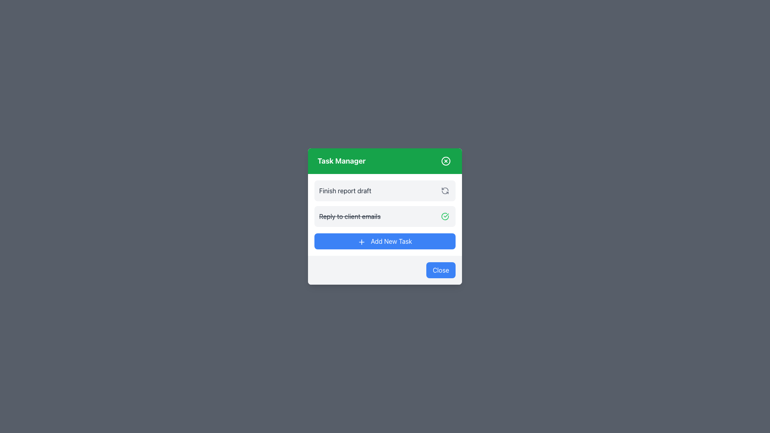  I want to click on the completed task list item, so click(385, 216).